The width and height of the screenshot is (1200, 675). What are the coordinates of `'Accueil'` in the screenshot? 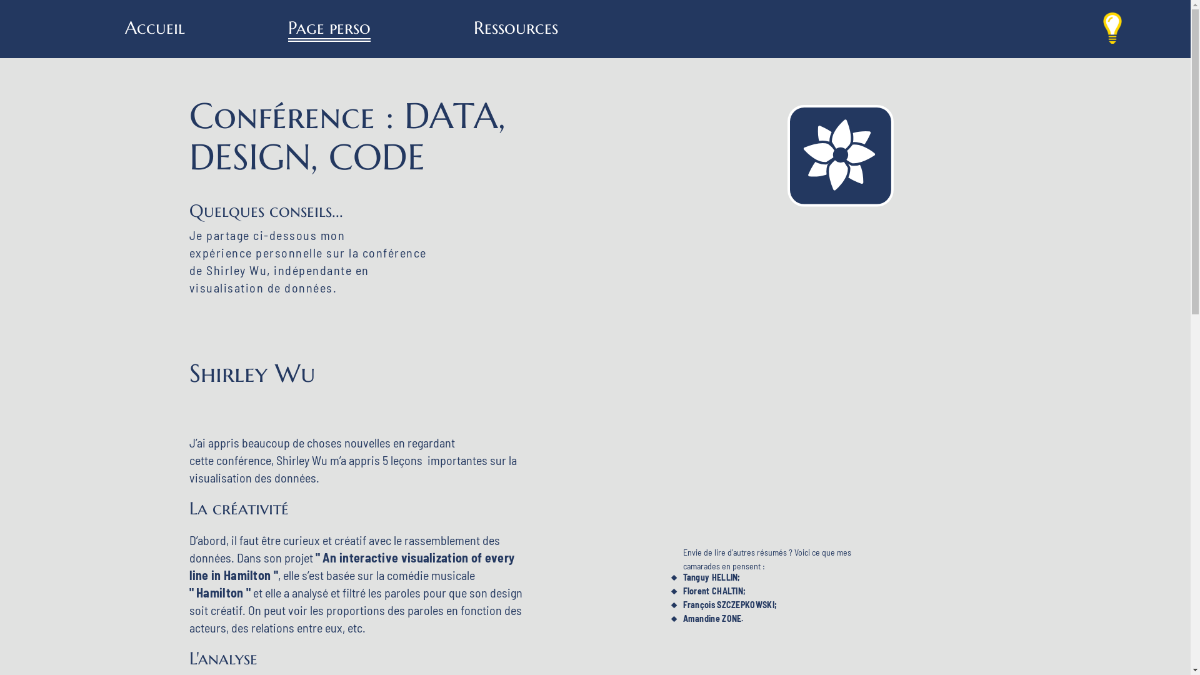 It's located at (154, 29).